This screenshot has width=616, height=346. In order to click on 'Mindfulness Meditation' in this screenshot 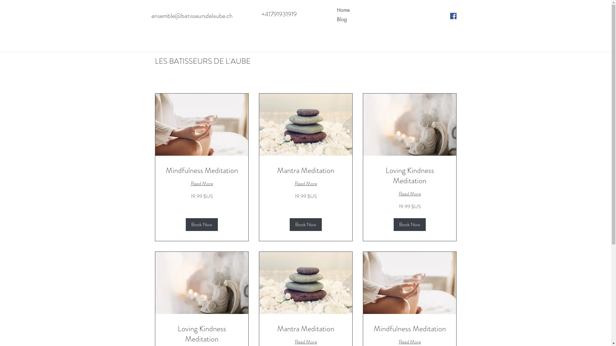, I will do `click(201, 170)`.